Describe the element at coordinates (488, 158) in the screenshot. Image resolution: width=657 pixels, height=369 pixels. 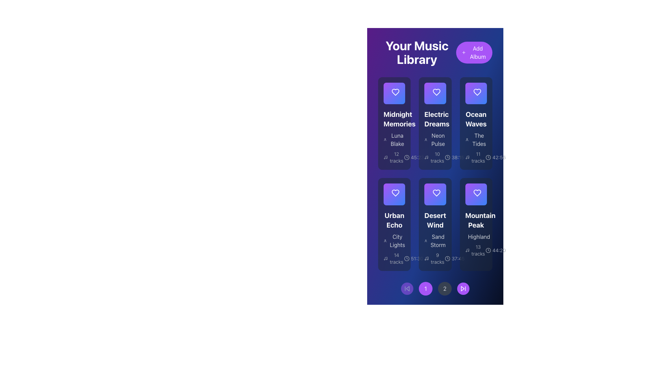
I see `the time icon located in the bottom-right corner of the 'Ocean Waves' album card, positioned left of the duration text ('42:56') in the 'Your Music Library' interface` at that location.